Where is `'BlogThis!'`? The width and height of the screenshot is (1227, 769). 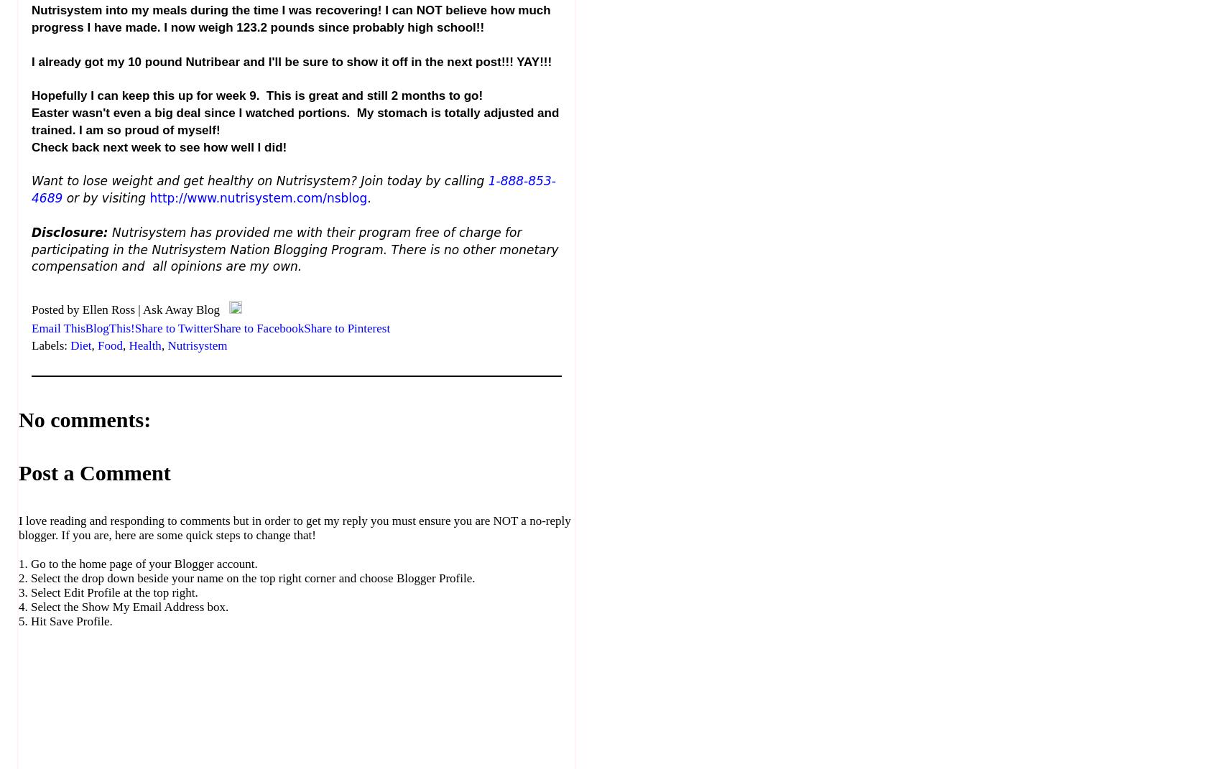 'BlogThis!' is located at coordinates (109, 327).